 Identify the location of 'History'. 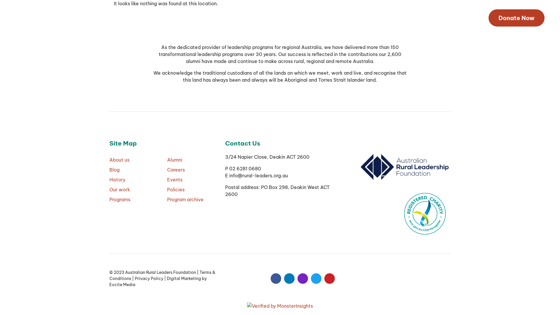
(135, 179).